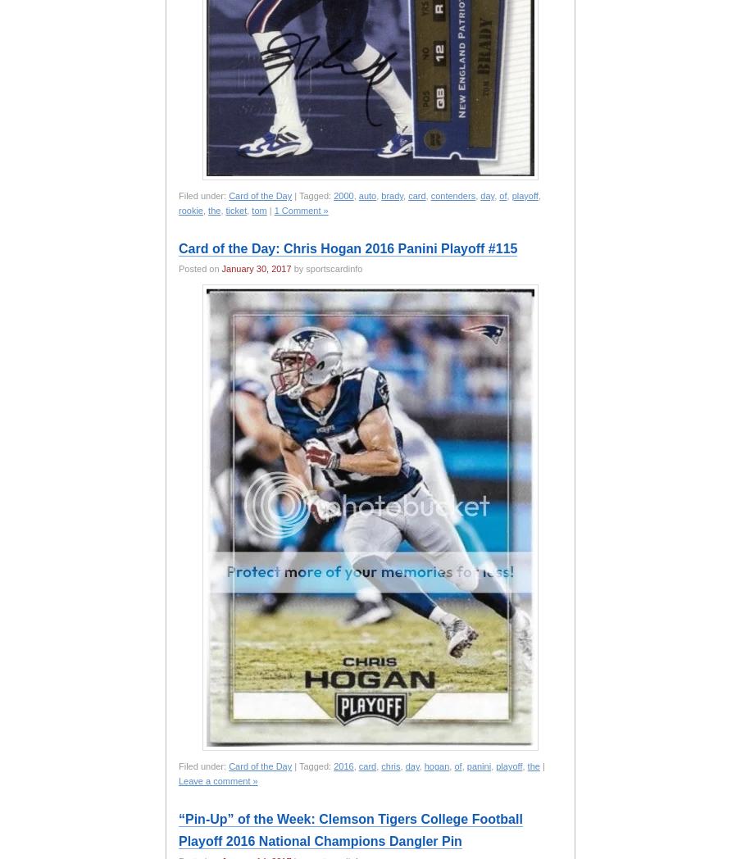  What do you see at coordinates (423, 766) in the screenshot?
I see `'hogan'` at bounding box center [423, 766].